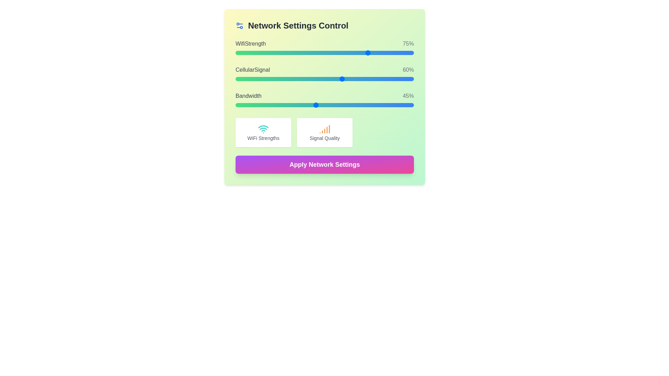  Describe the element at coordinates (266, 52) in the screenshot. I see `WiFi strength` at that location.